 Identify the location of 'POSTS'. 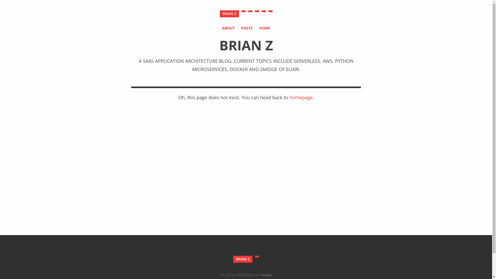
(241, 28).